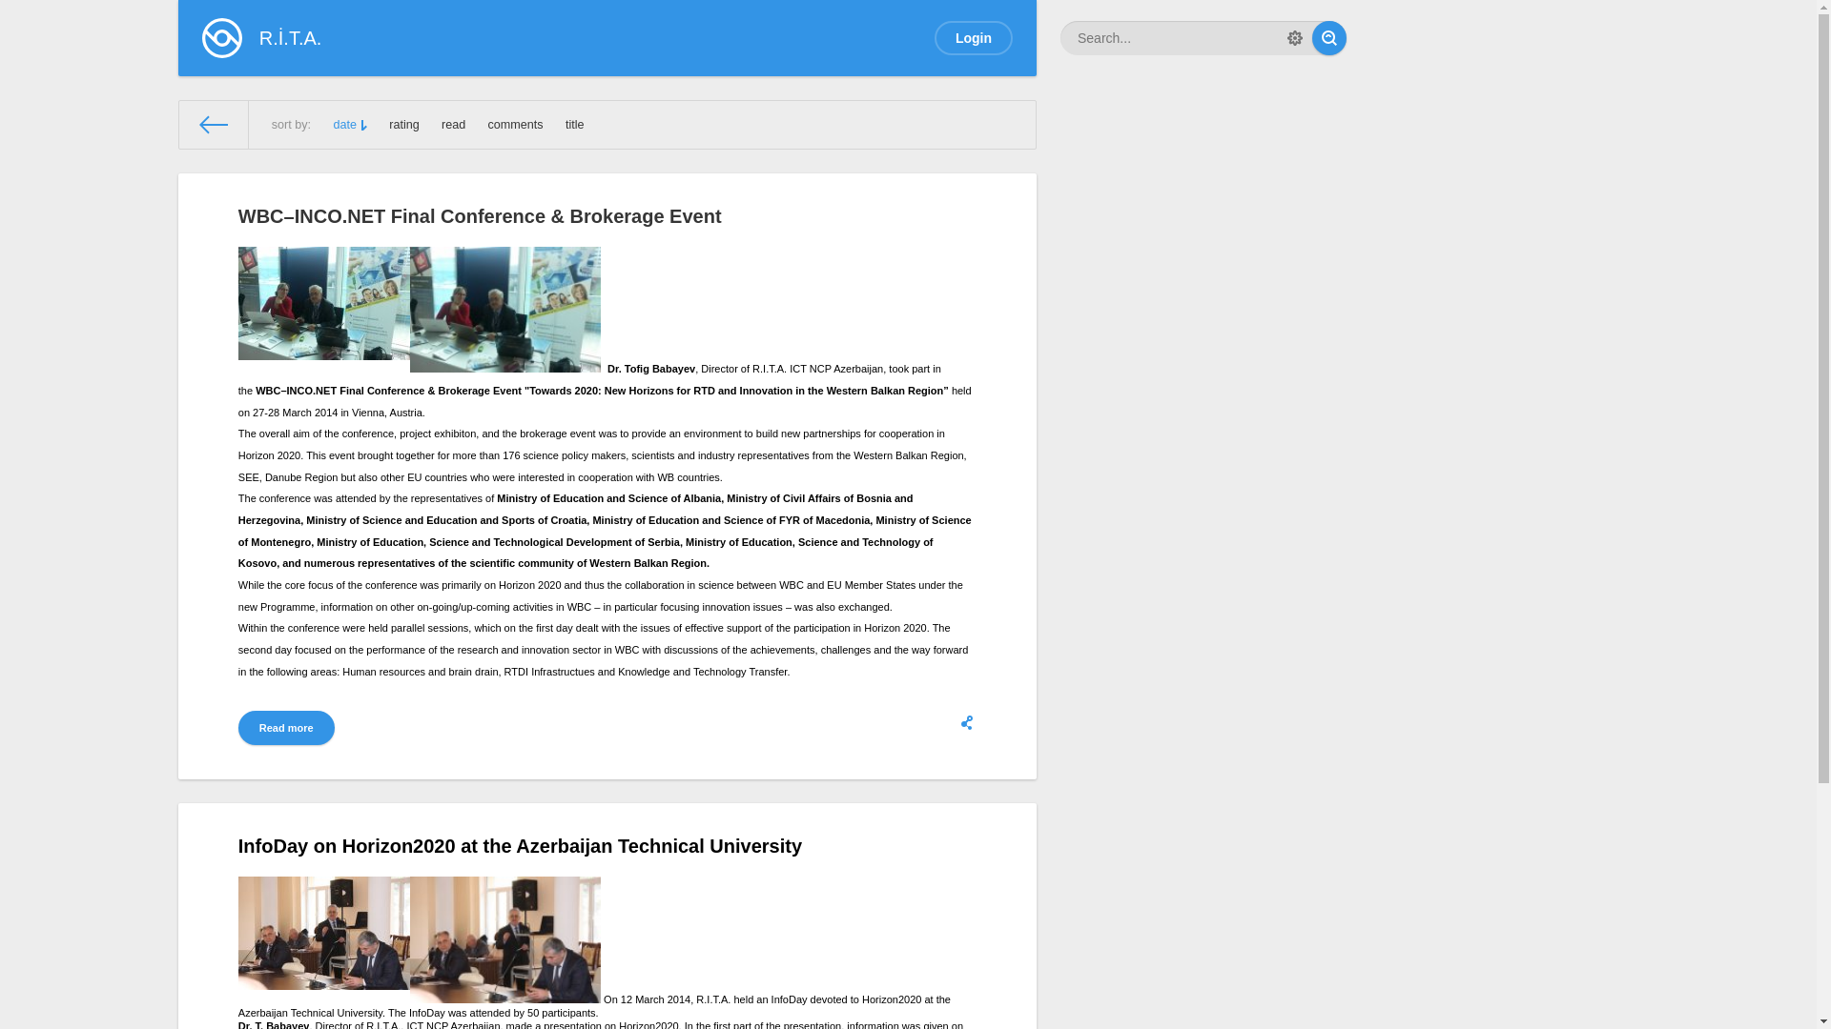  I want to click on 'Extended Search', so click(1295, 37).